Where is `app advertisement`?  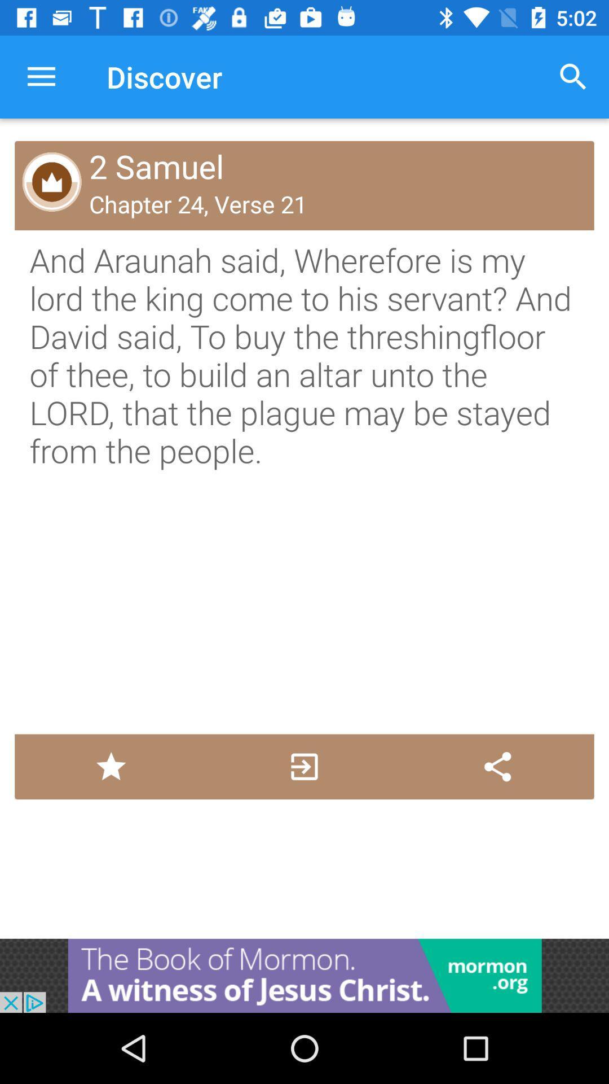
app advertisement is located at coordinates (304, 975).